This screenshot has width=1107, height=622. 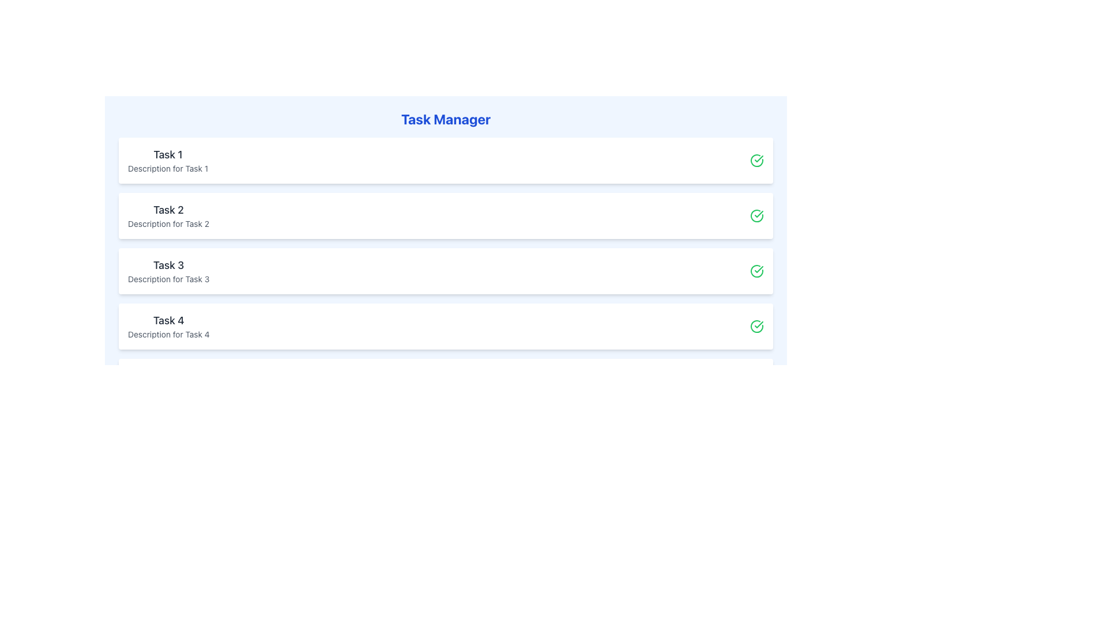 I want to click on the description text label for 'Task 3', located directly below the title 'Task 3' in the task entries list, so click(x=168, y=279).